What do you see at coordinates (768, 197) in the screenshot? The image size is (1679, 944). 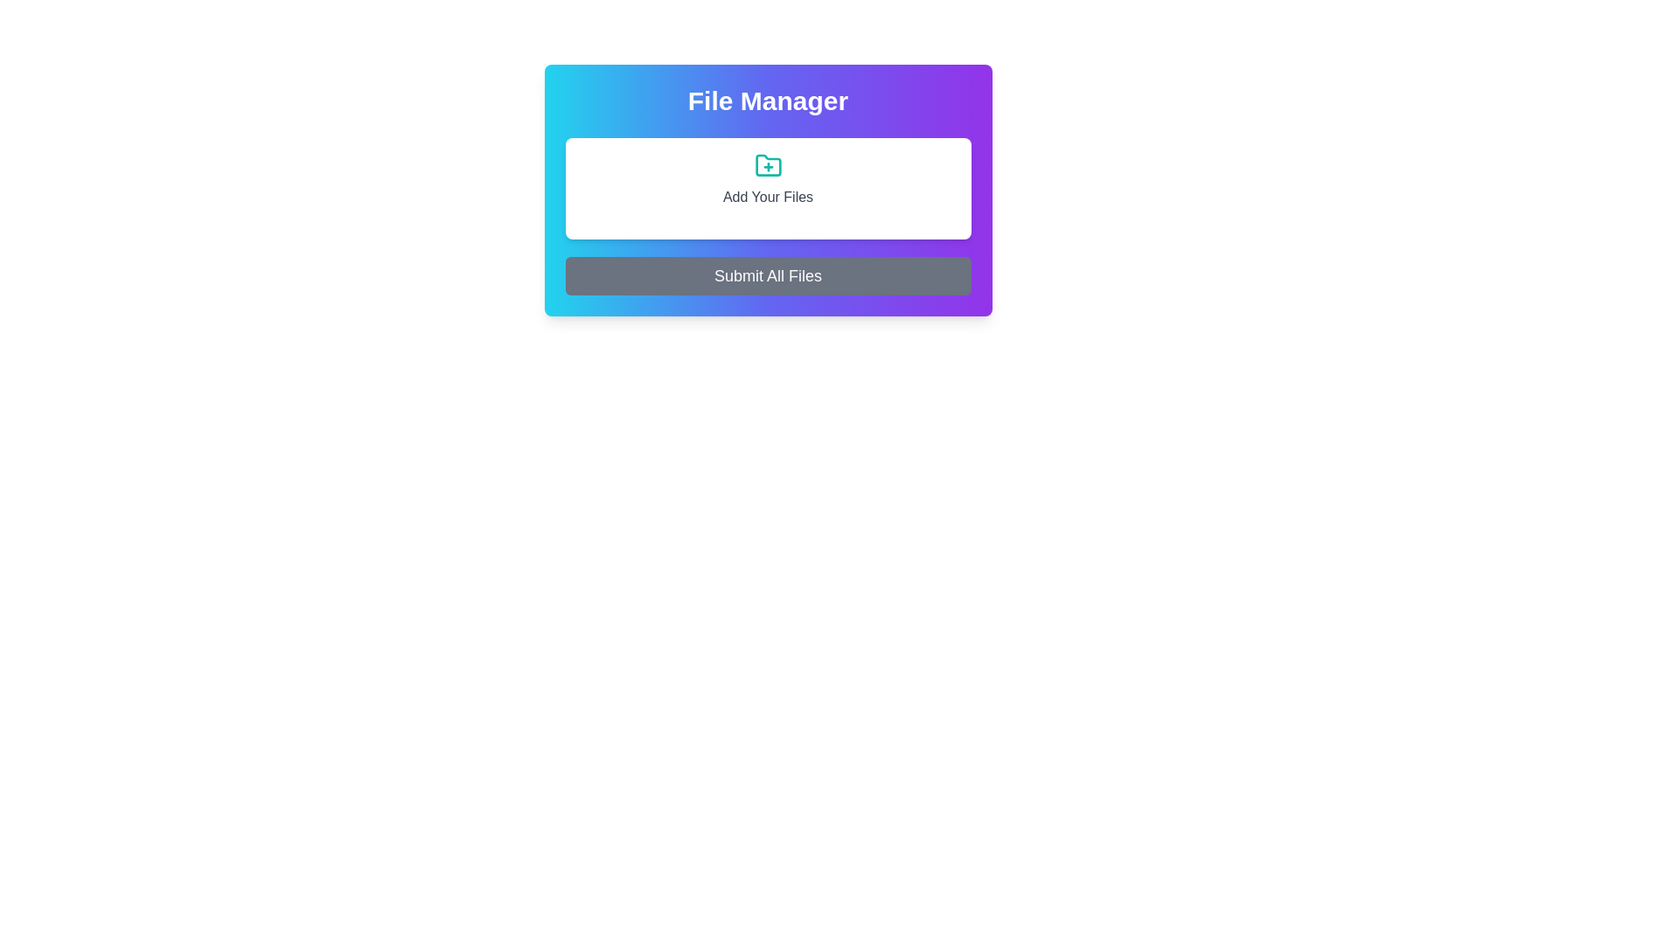 I see `the text label displaying 'Add Your Files', which is positioned below the folder icon in the File Manager card interface` at bounding box center [768, 197].